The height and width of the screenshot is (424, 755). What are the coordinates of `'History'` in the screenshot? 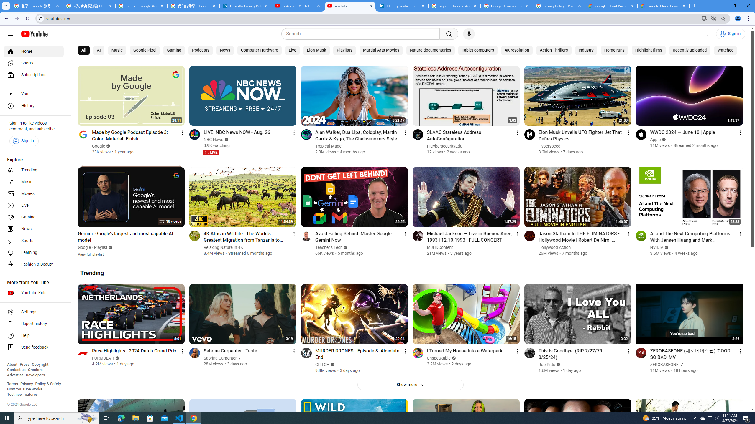 It's located at (33, 106).